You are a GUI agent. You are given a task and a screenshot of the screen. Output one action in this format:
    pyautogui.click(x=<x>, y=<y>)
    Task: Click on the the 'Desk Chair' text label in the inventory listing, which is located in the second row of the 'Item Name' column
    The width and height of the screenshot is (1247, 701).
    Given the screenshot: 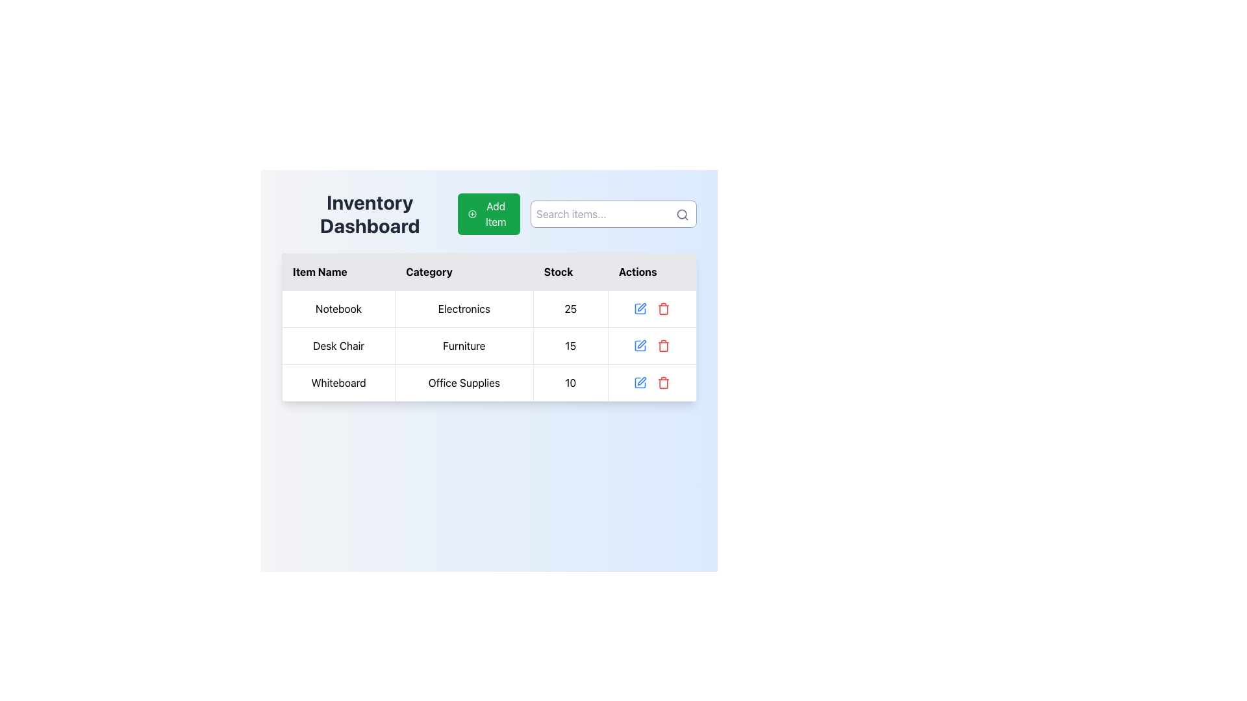 What is the action you would take?
    pyautogui.click(x=338, y=345)
    